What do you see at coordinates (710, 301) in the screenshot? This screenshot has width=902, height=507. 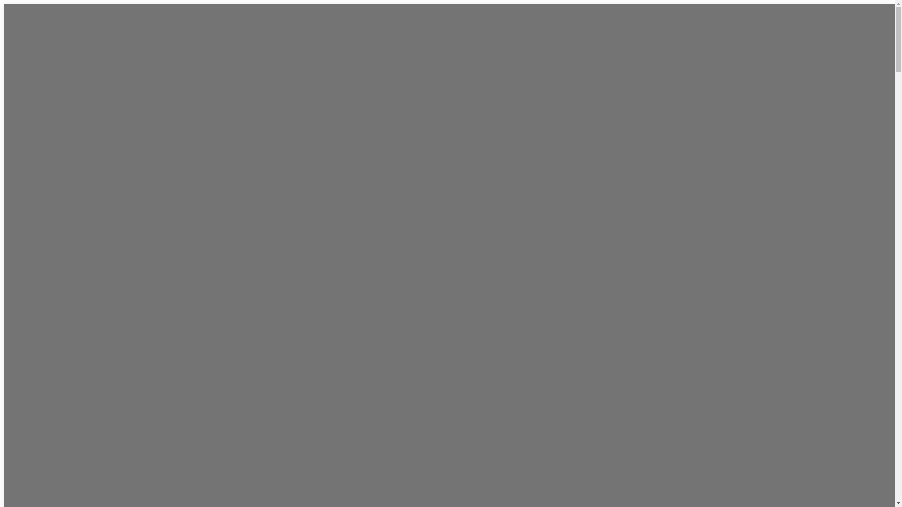 I see `'Search form'` at bounding box center [710, 301].